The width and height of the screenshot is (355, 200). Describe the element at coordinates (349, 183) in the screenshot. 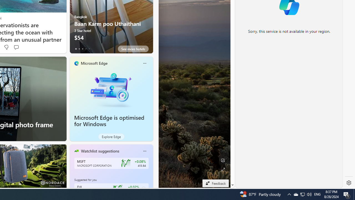

I see `'Settings'` at that location.